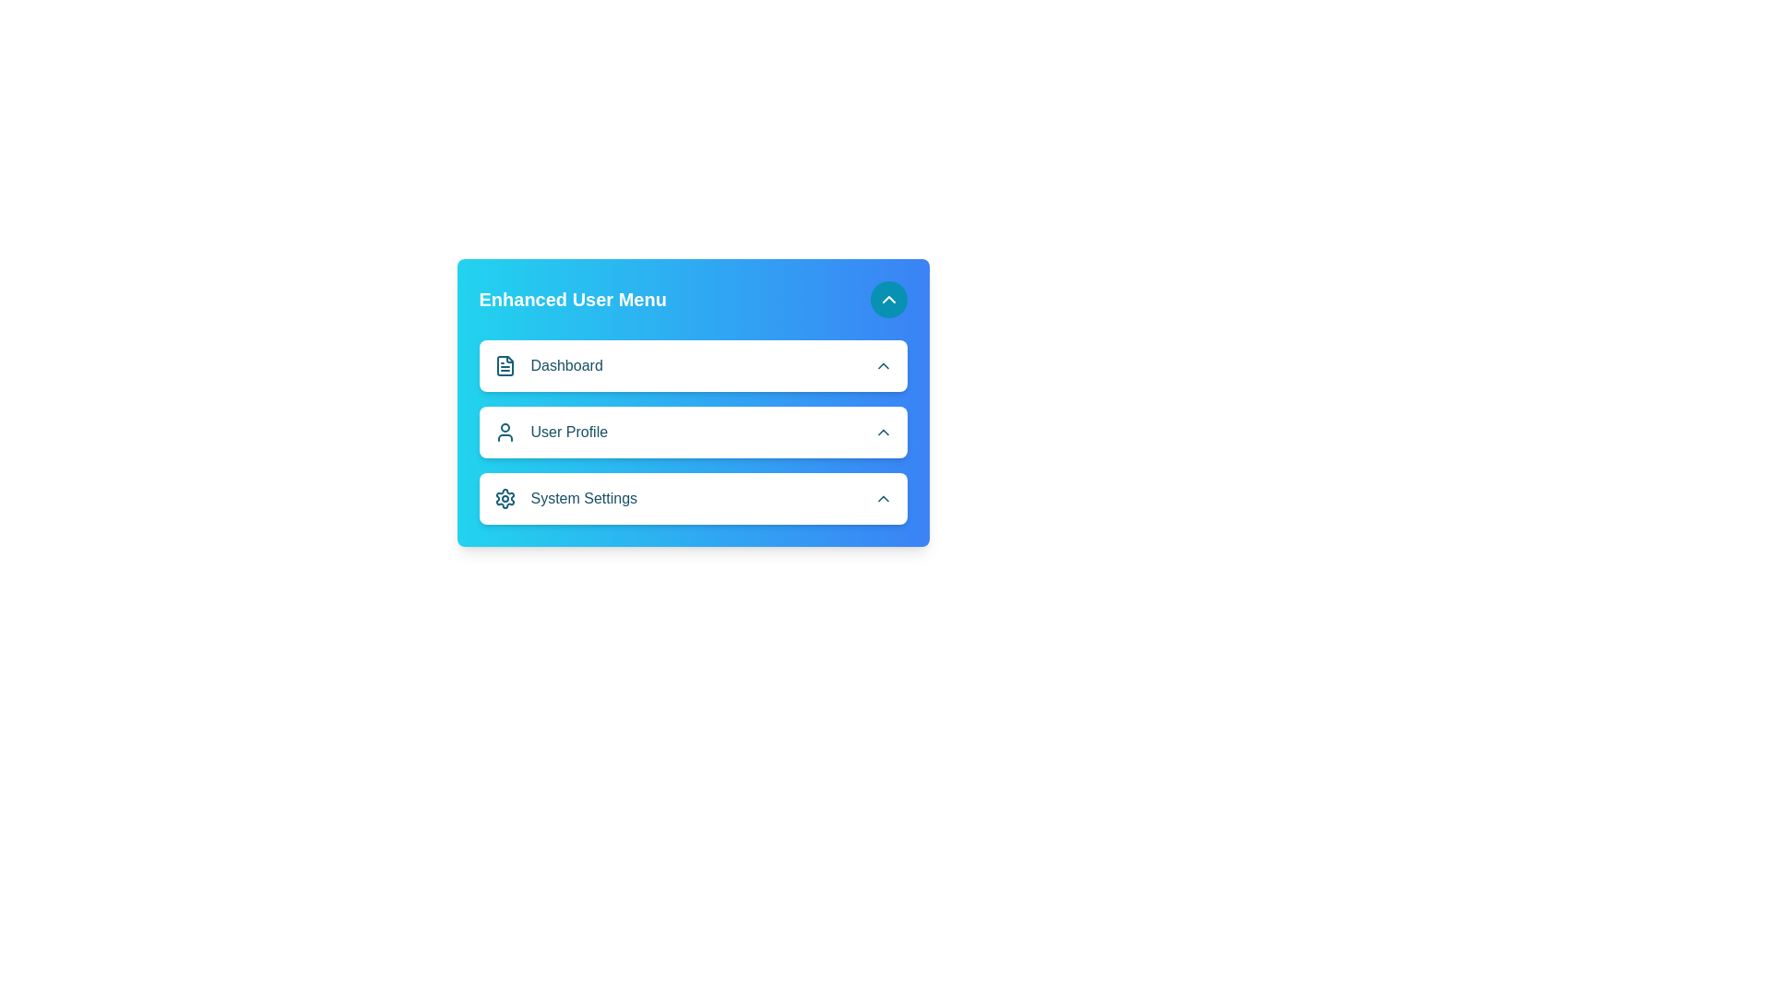 The width and height of the screenshot is (1771, 996). Describe the element at coordinates (692, 433) in the screenshot. I see `the second button in the vertical list of three buttons` at that location.